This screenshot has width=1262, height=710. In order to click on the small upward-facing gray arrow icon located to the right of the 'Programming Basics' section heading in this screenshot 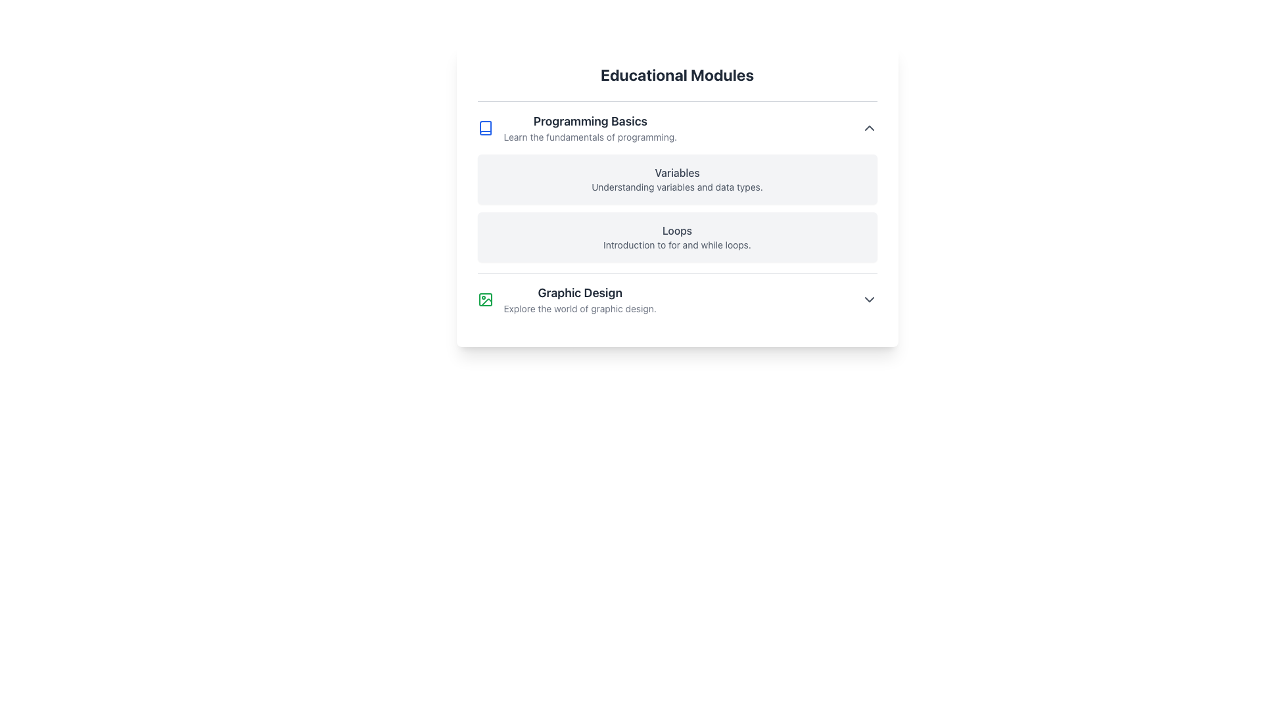, I will do `click(869, 128)`.